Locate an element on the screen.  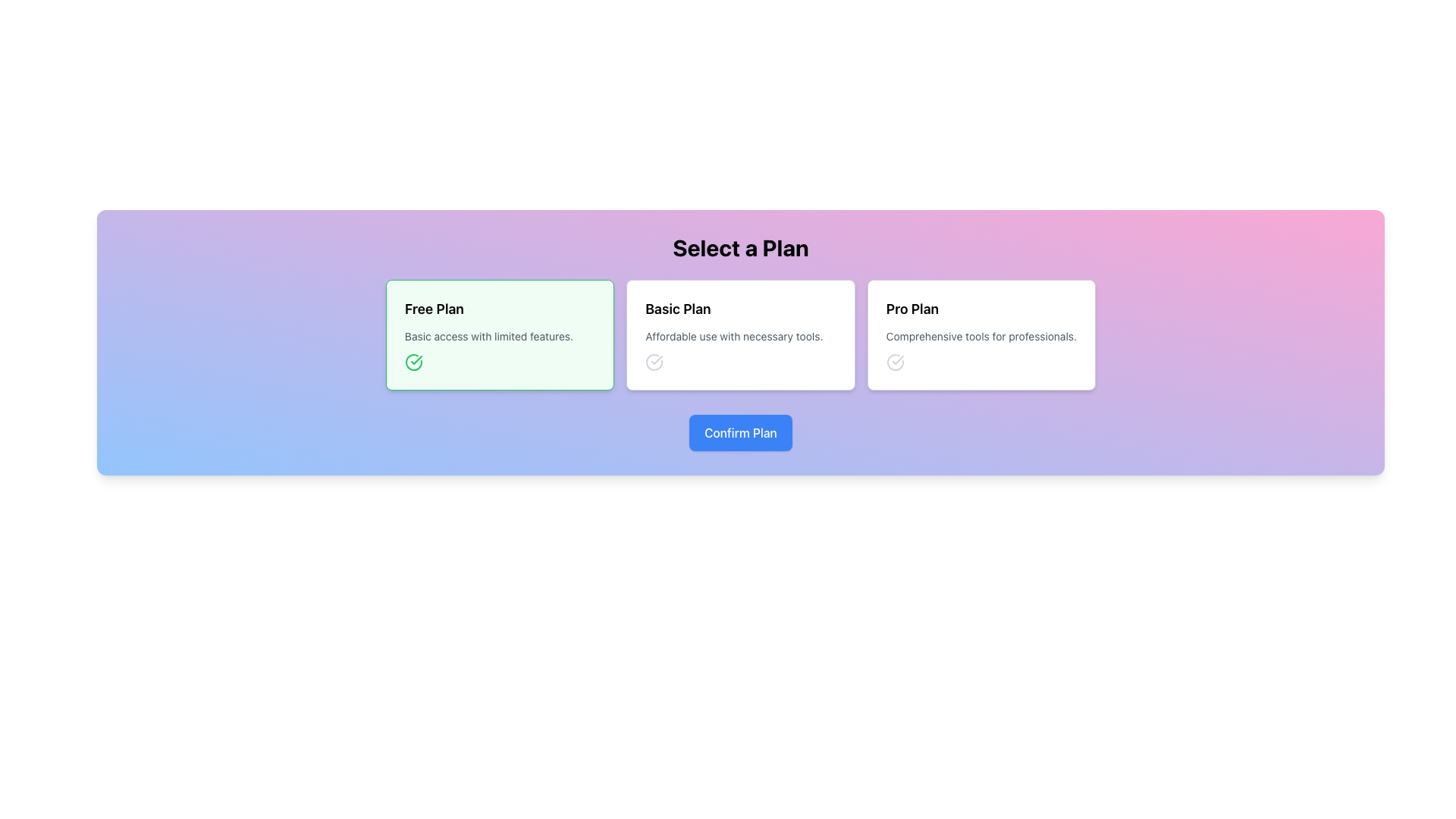
the static text label reading 'Free Plan' which is styled with a larger font size and bold weight, located at the top-left corner of its card with a light green background is located at coordinates (433, 309).